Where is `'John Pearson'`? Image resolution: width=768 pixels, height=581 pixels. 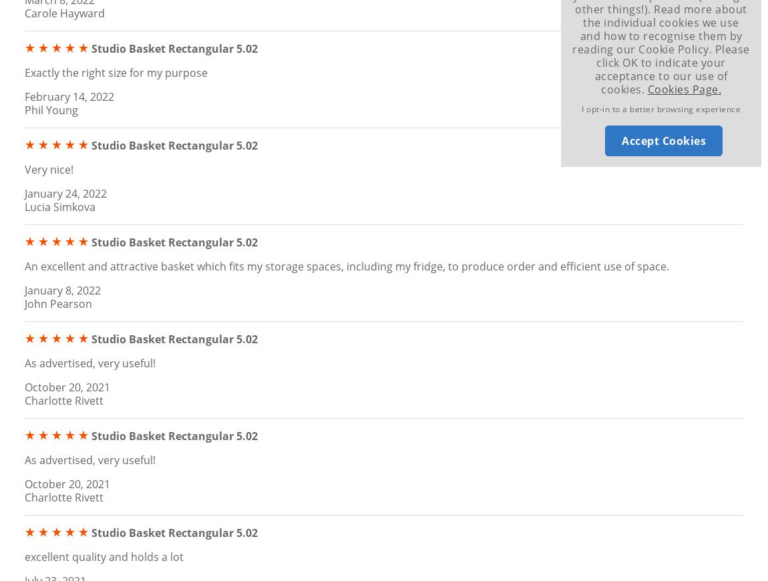 'John Pearson' is located at coordinates (57, 302).